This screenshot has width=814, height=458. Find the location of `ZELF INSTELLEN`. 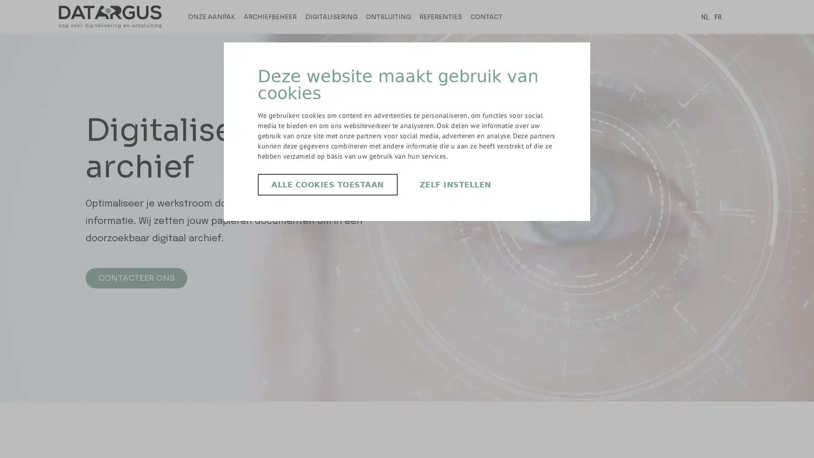

ZELF INSTELLEN is located at coordinates (454, 184).